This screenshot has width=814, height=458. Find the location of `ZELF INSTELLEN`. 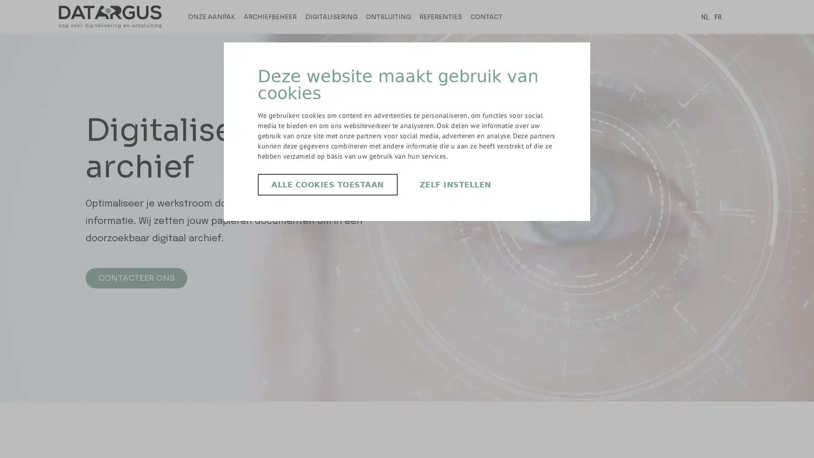

ZELF INSTELLEN is located at coordinates (454, 184).